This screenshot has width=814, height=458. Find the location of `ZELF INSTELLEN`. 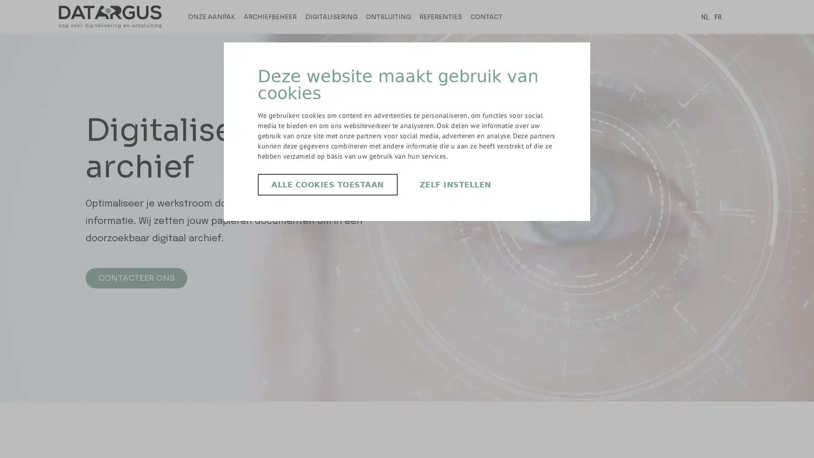

ZELF INSTELLEN is located at coordinates (454, 184).